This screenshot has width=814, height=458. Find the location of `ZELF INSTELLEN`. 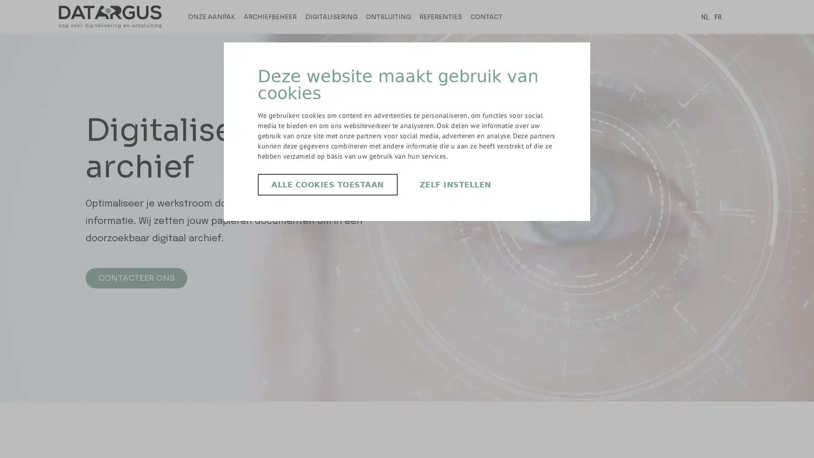

ZELF INSTELLEN is located at coordinates (454, 184).